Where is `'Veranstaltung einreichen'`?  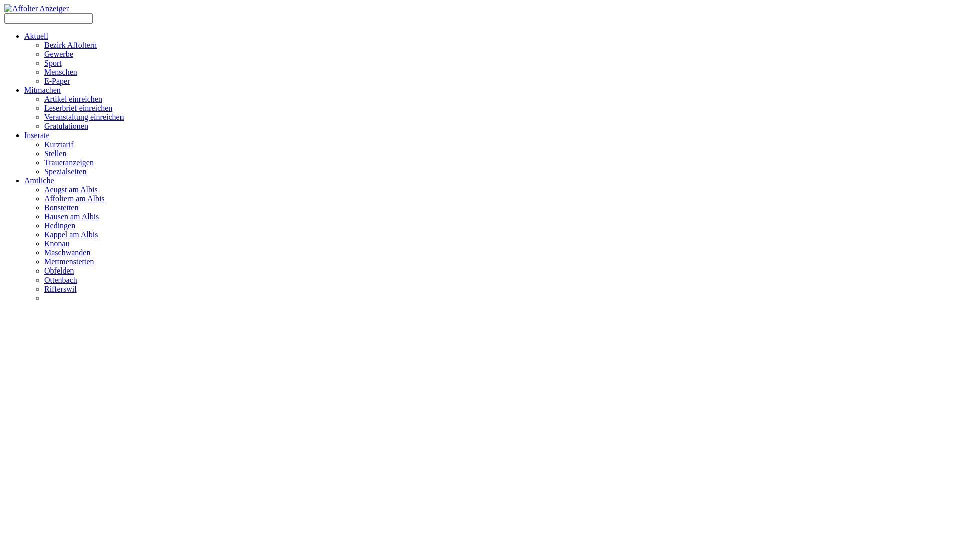 'Veranstaltung einreichen' is located at coordinates (84, 116).